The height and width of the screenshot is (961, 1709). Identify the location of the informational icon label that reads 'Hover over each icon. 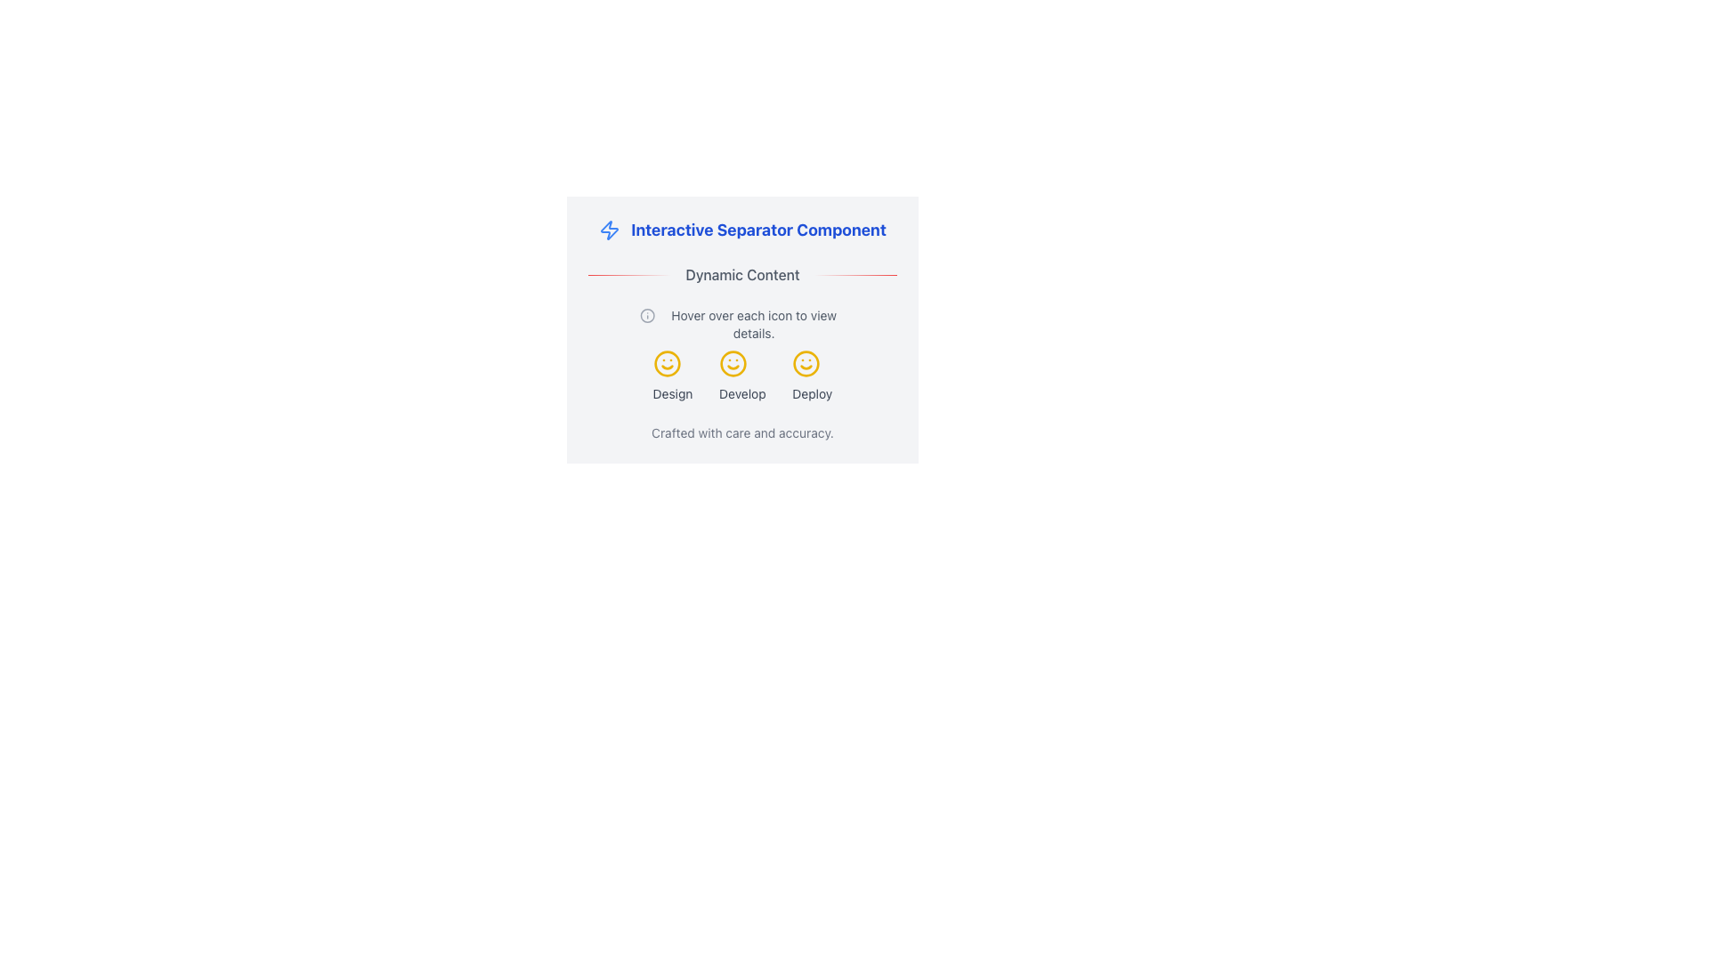
(742, 325).